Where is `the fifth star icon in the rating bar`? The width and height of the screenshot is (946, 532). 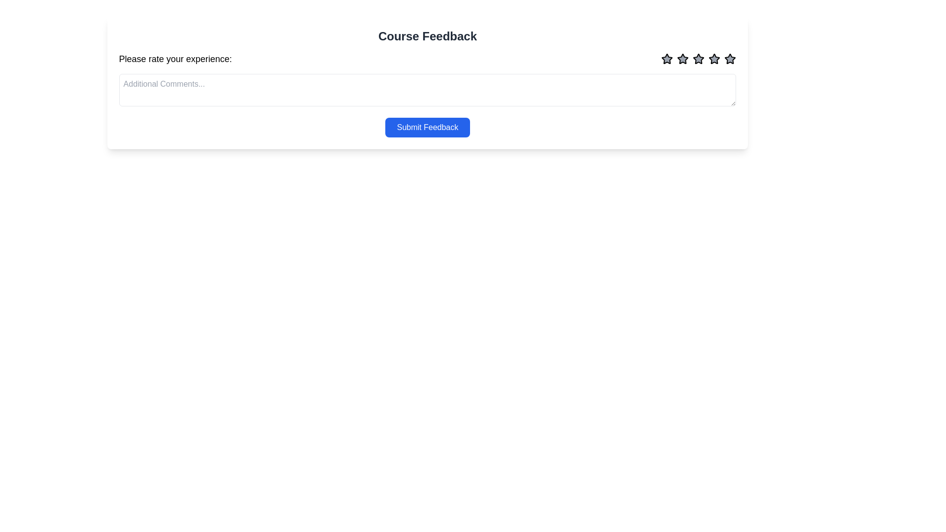
the fifth star icon in the rating bar is located at coordinates (714, 59).